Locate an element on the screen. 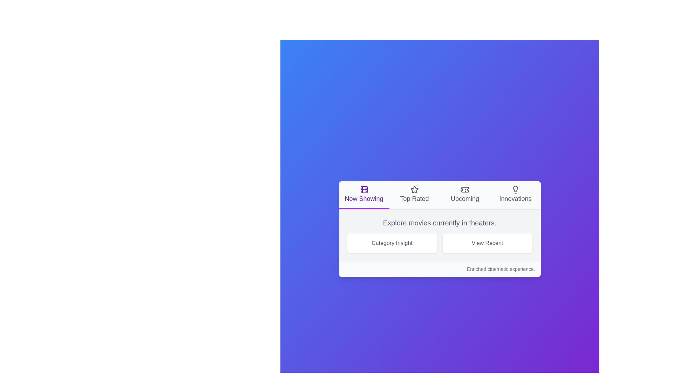 Image resolution: width=673 pixels, height=378 pixels. the 'Top Rated' button, which features a star icon above the text in a bold font, located in the center-top of the navigation menu is located at coordinates (414, 194).